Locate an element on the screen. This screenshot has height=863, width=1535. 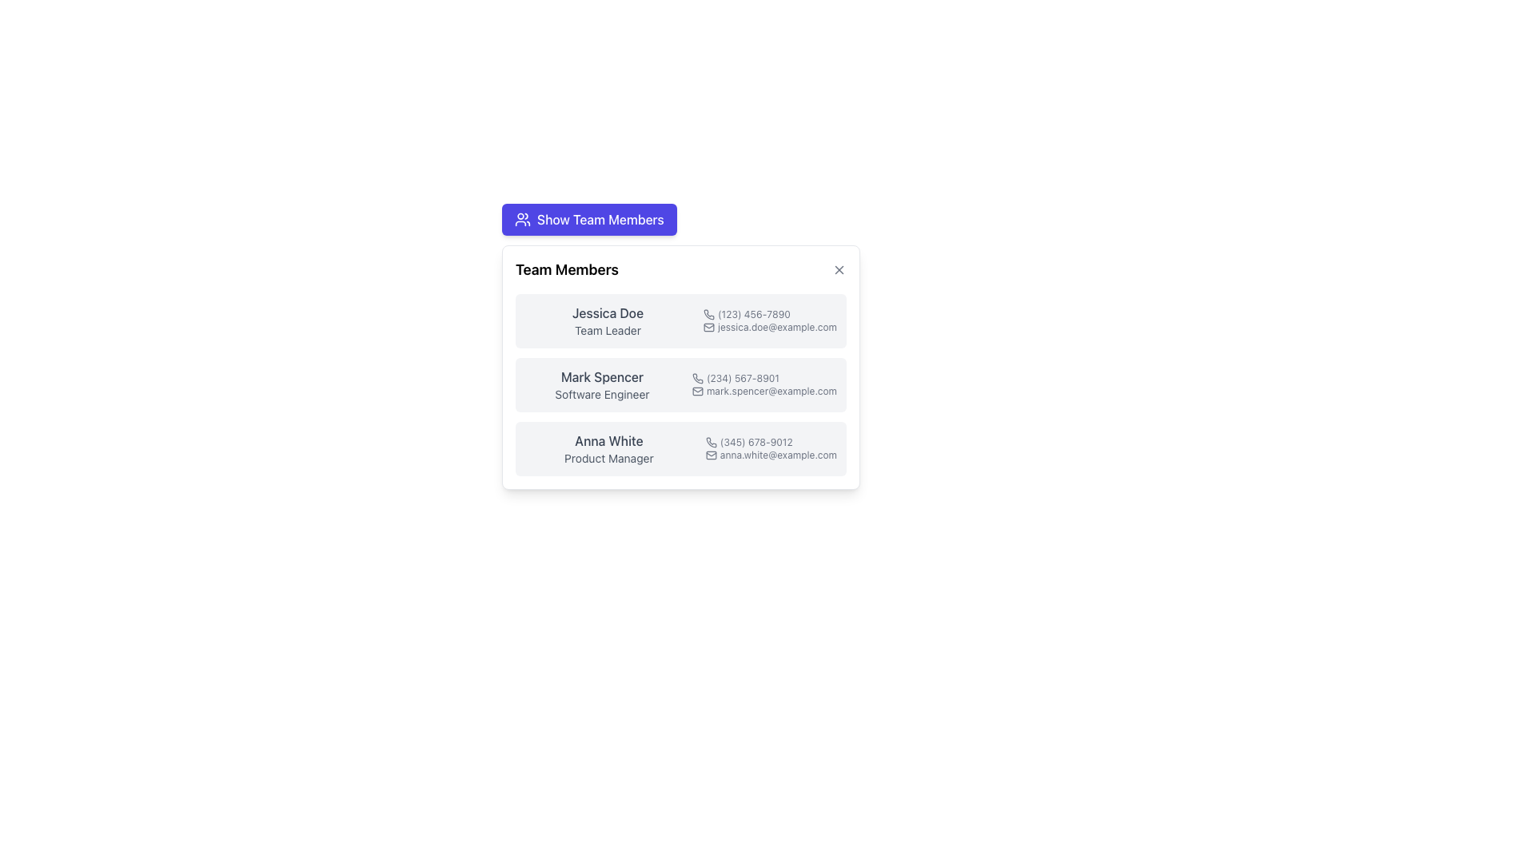
the telephone icon located in the second row of the 'Team Members' modal, which is visually associated with the phone number '(234) 567-8901' is located at coordinates (697, 379).